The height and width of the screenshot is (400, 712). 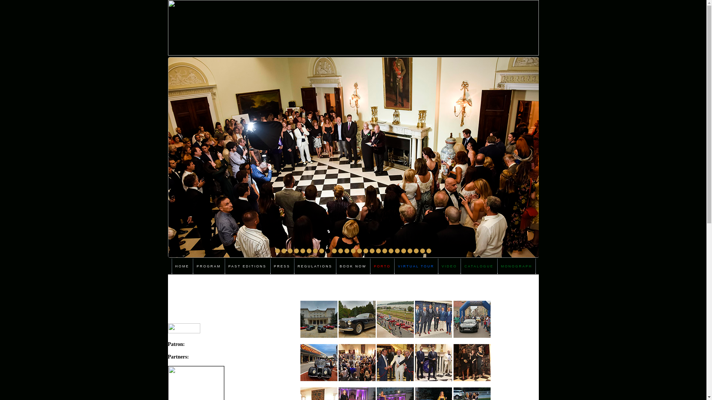 I want to click on 'BOOK NOW', so click(x=336, y=266).